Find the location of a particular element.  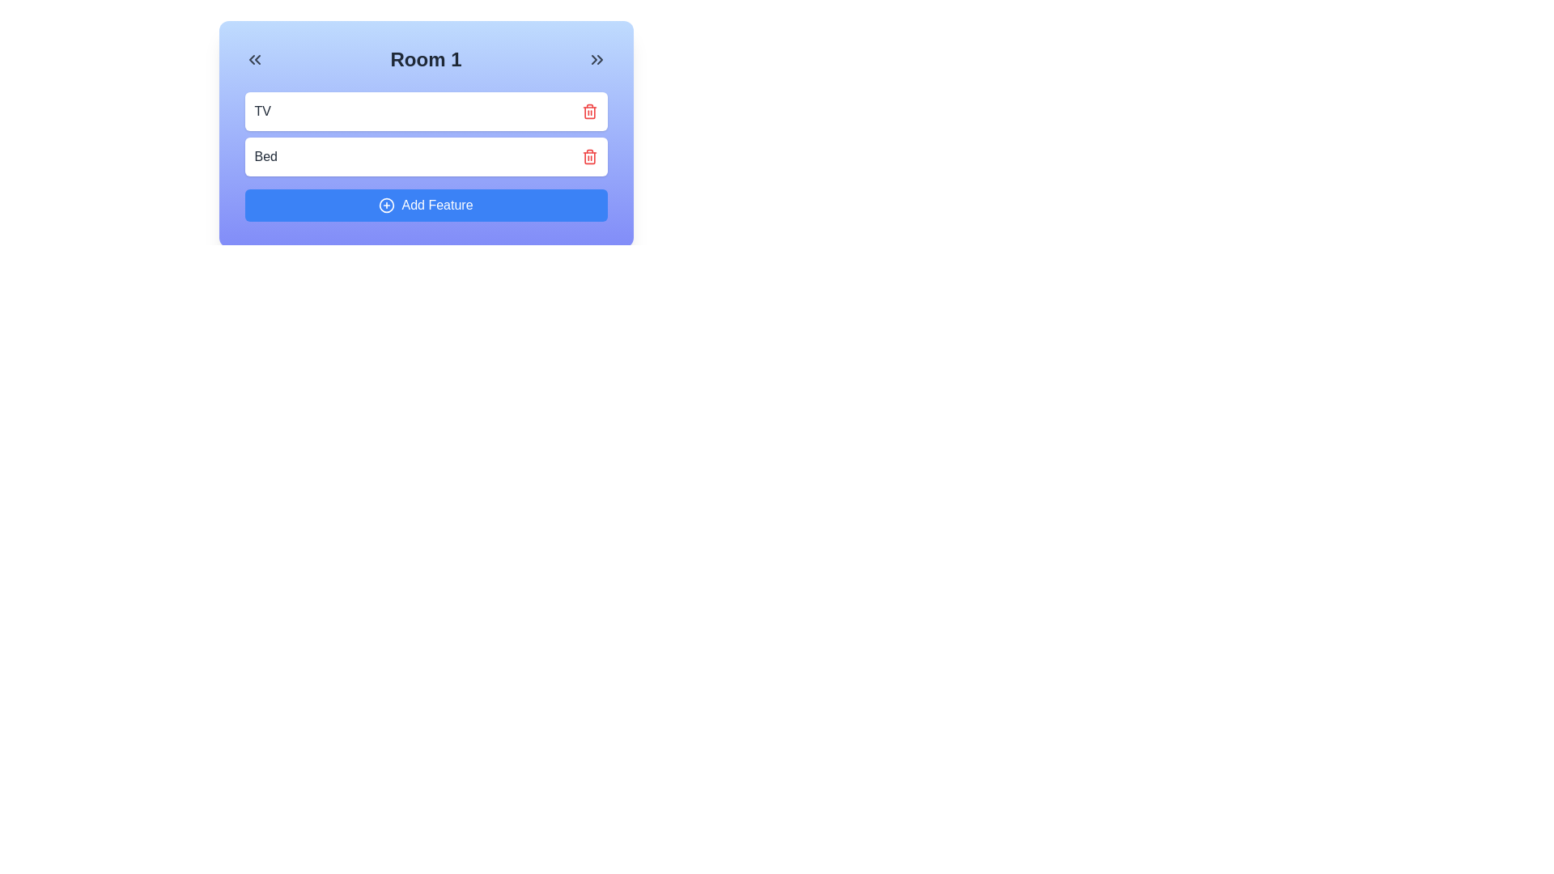

the assistive tool is located at coordinates (386, 205).